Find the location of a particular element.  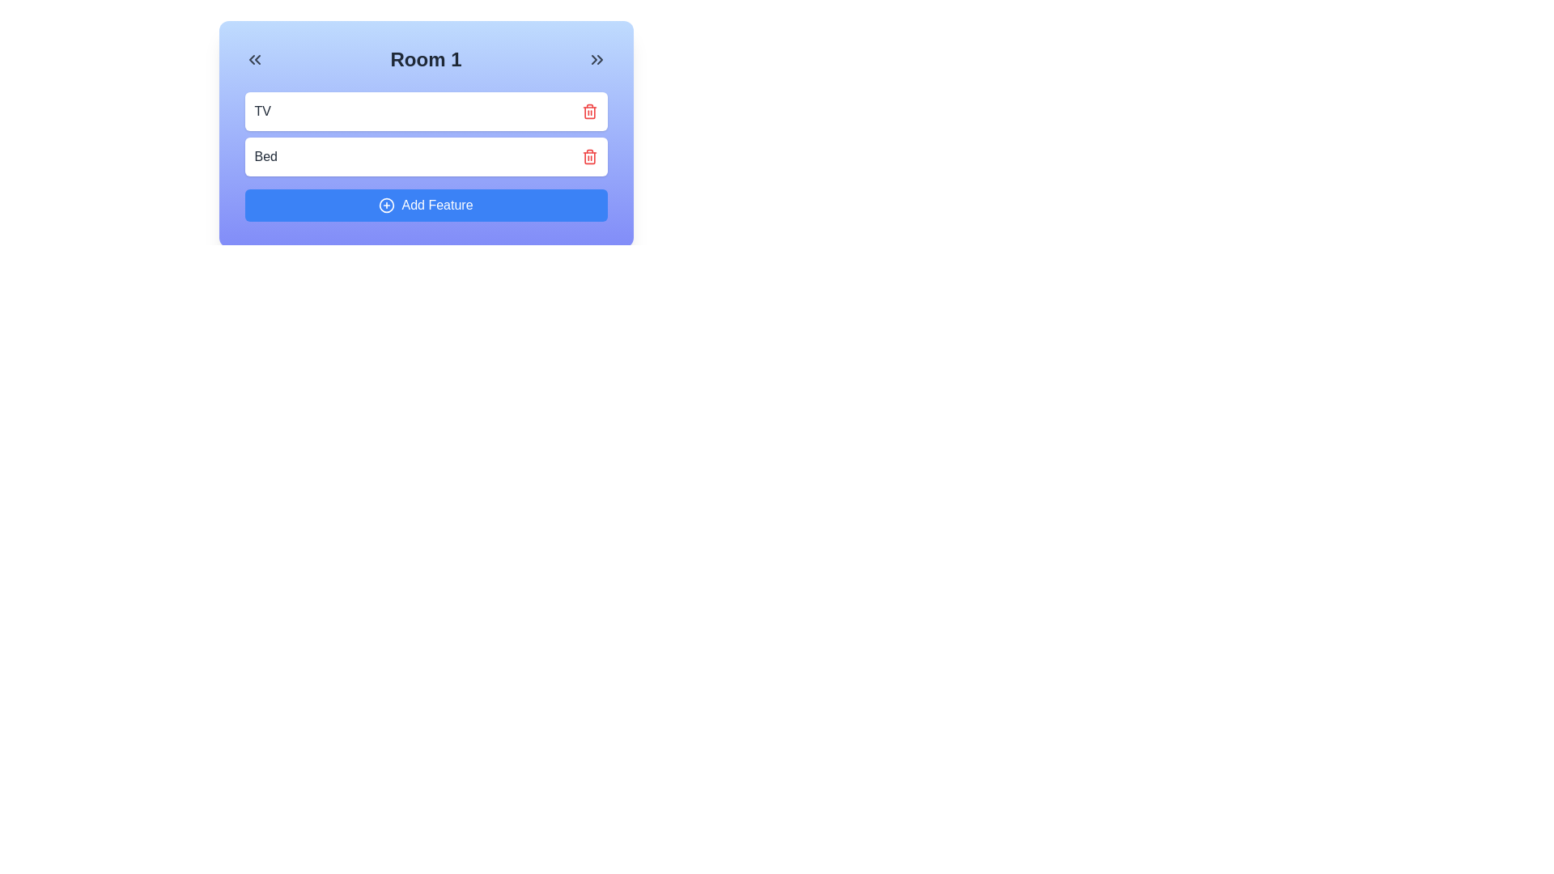

the assistive tool is located at coordinates (386, 205).